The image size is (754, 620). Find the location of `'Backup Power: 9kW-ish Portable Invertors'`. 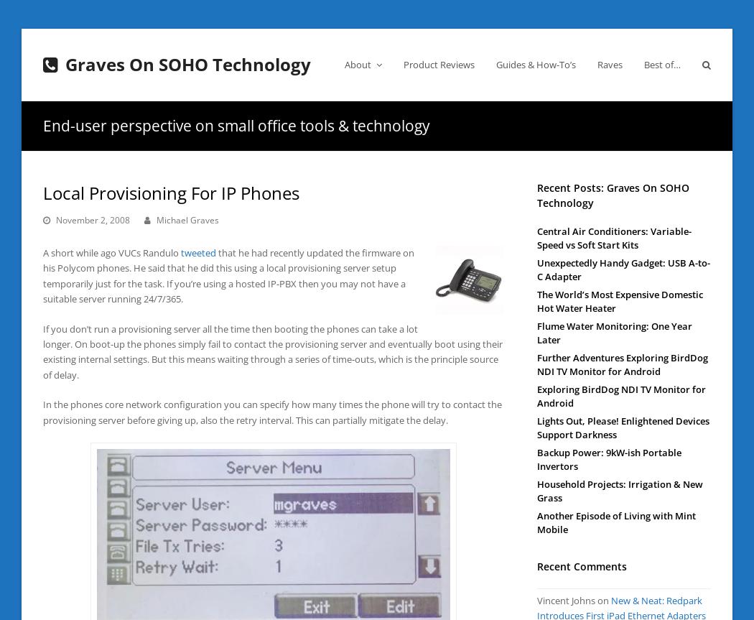

'Backup Power: 9kW-ish Portable Invertors' is located at coordinates (536, 458).